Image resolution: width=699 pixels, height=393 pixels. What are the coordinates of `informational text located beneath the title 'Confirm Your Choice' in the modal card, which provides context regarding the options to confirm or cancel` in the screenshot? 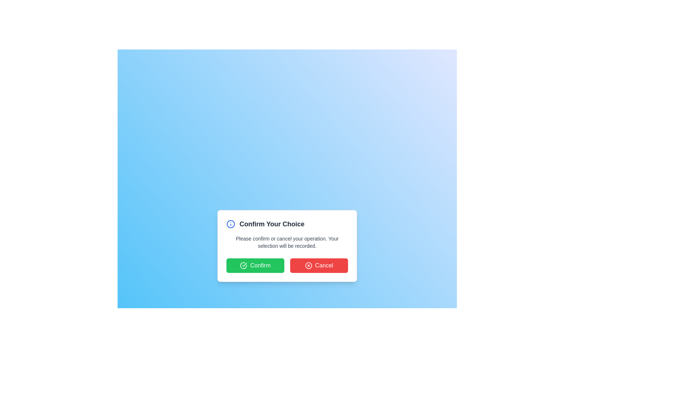 It's located at (287, 242).